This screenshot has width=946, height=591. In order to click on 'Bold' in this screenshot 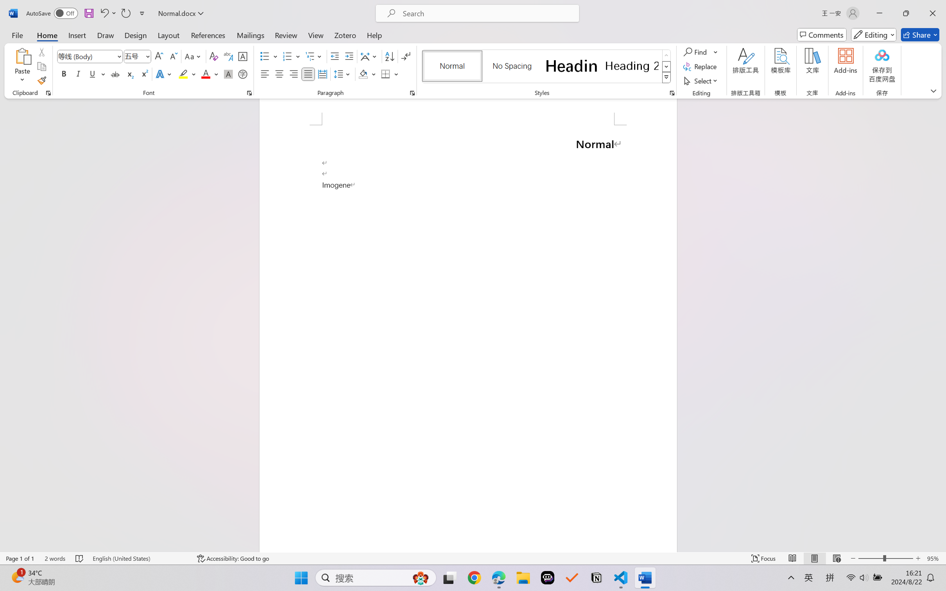, I will do `click(64, 73)`.